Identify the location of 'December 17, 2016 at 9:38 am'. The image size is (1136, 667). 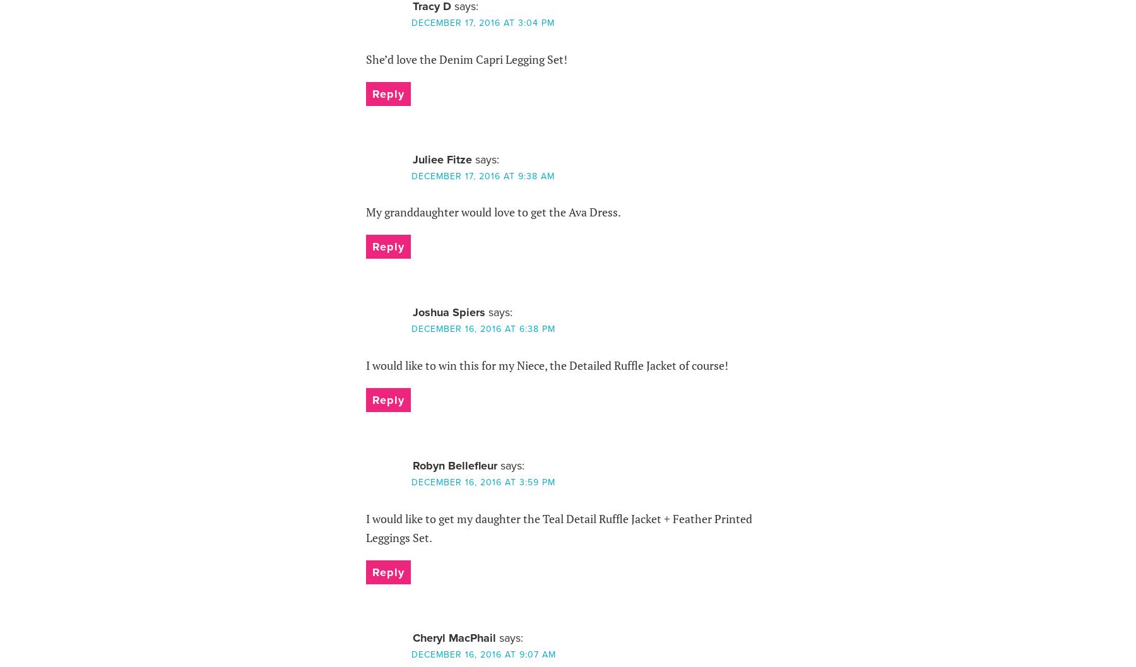
(482, 175).